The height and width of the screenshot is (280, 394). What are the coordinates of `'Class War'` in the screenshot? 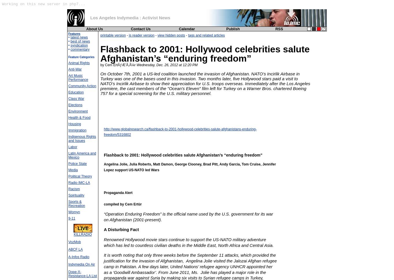 It's located at (76, 98).